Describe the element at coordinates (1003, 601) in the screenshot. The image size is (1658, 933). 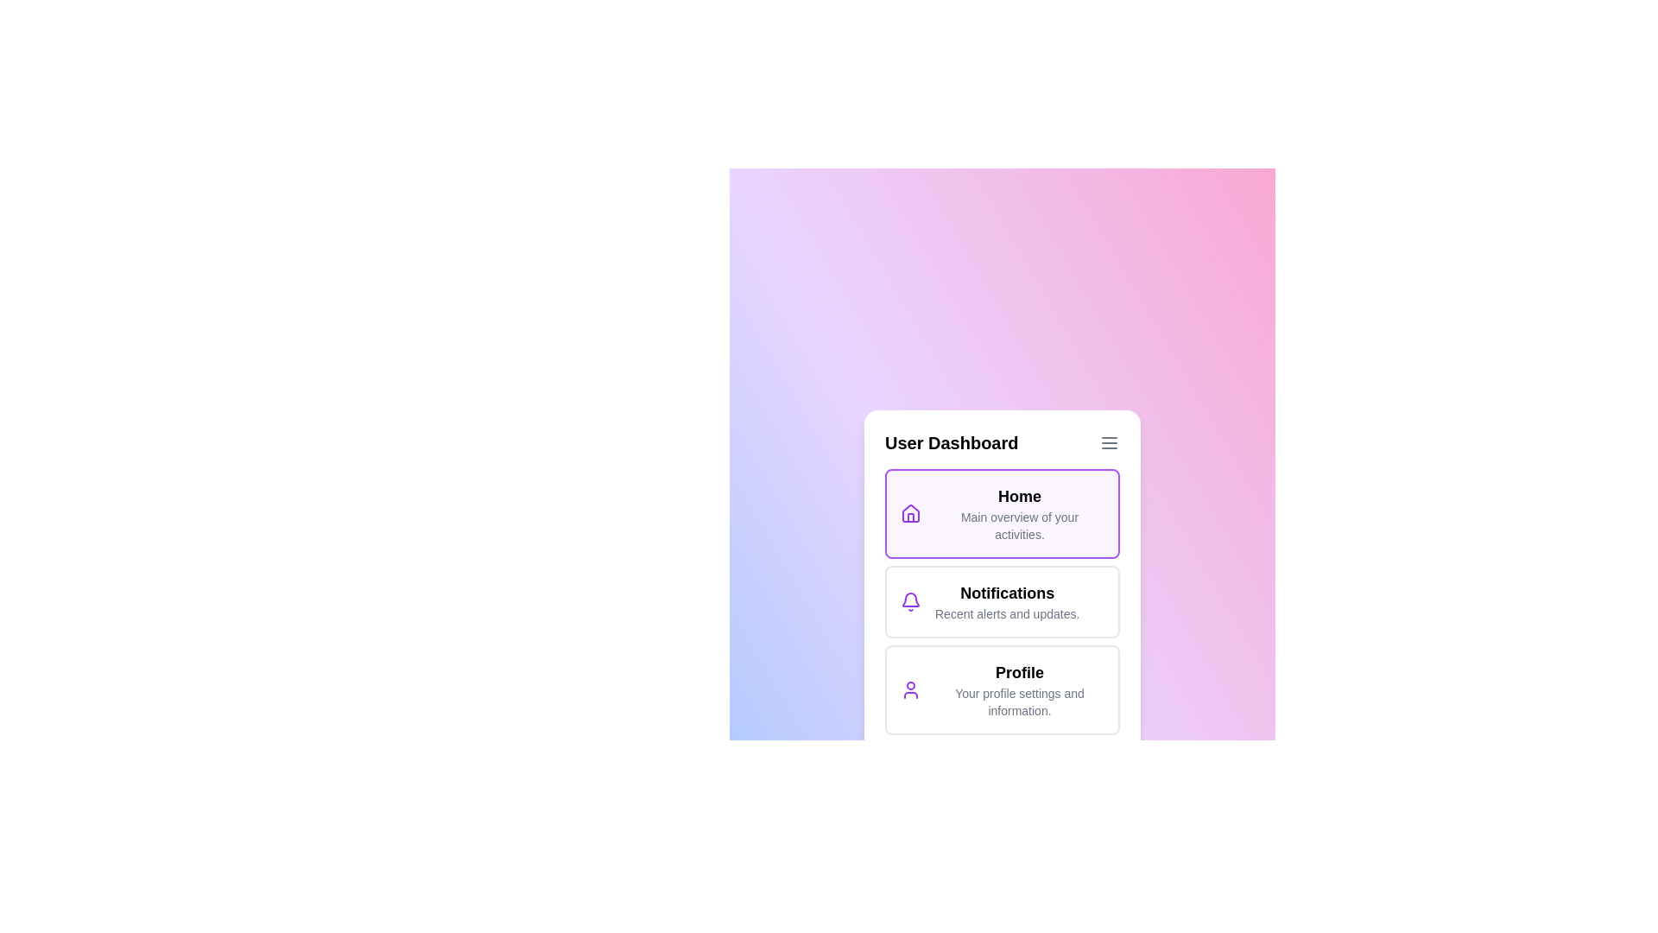
I see `the menu item Notifications to navigate` at that location.